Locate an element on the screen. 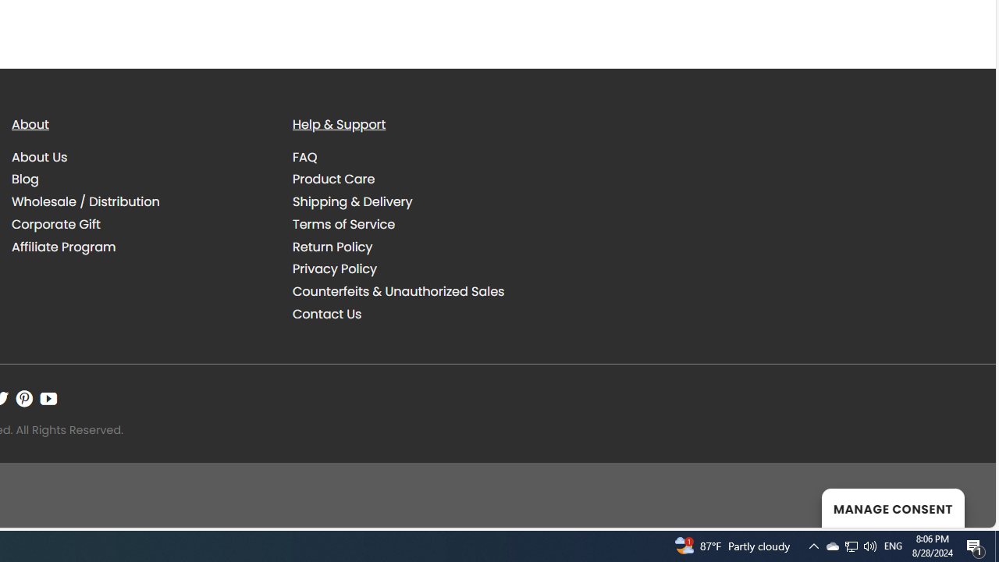 This screenshot has height=562, width=999. 'Wholesale / Distribution' is located at coordinates (85, 201).